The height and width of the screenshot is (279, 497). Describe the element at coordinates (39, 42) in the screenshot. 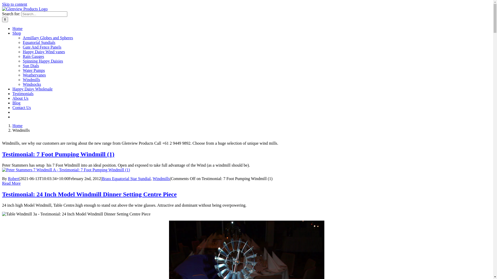

I see `'Equatorial Sundials'` at that location.